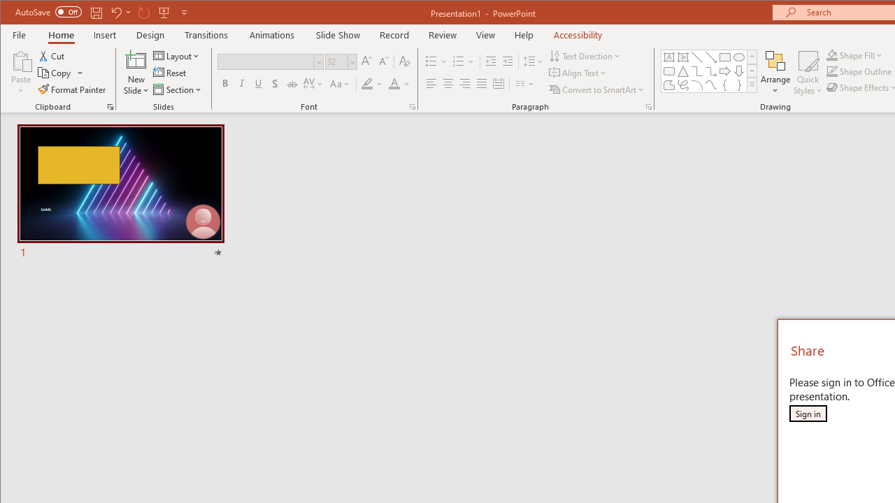 The height and width of the screenshot is (503, 895). Describe the element at coordinates (534, 61) in the screenshot. I see `'Line Spacing'` at that location.